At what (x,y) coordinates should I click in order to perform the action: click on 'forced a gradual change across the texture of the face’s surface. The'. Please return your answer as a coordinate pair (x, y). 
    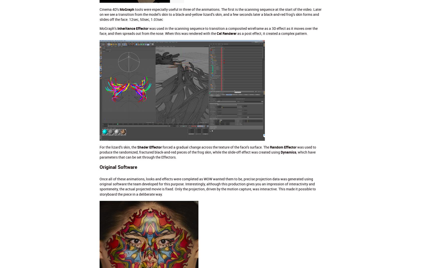
    Looking at the image, I should click on (215, 147).